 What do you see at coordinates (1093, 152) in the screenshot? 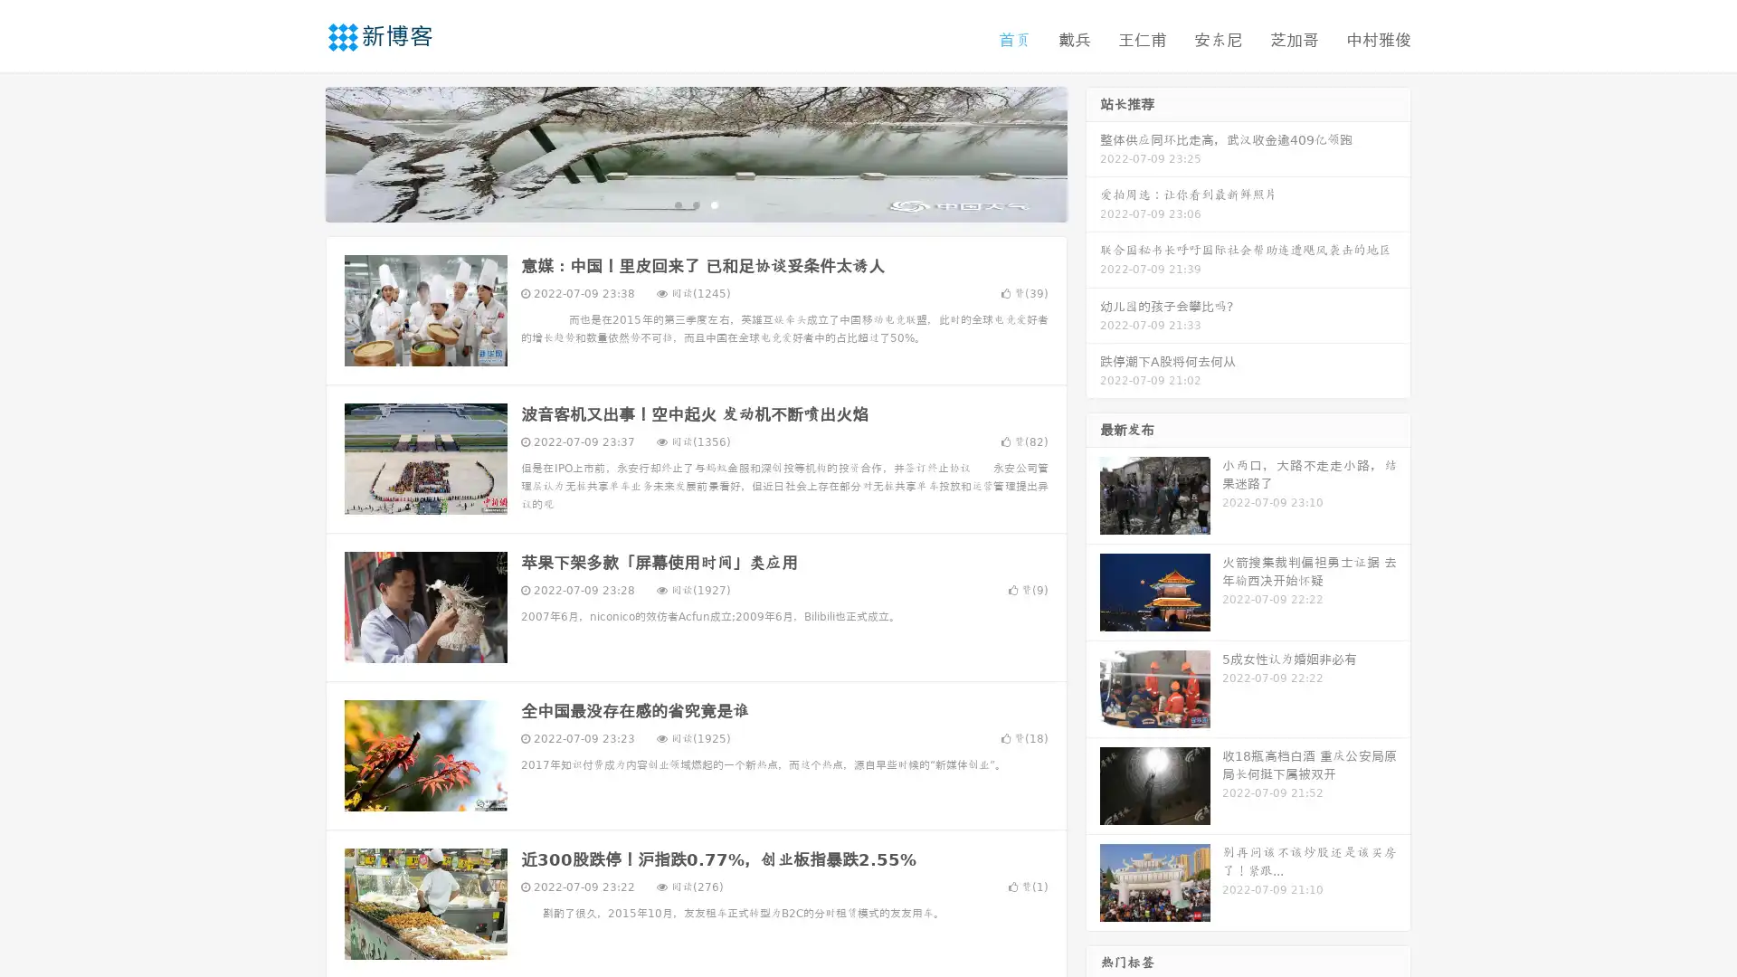
I see `Next slide` at bounding box center [1093, 152].